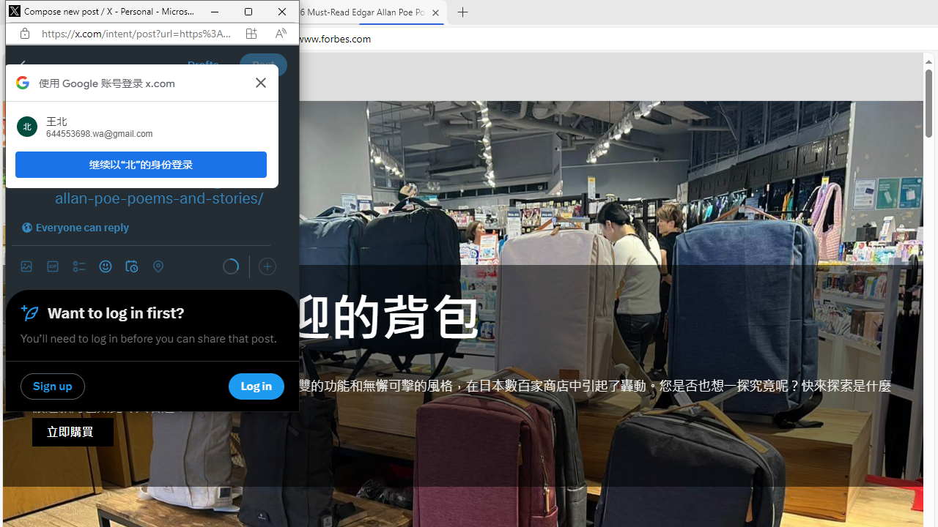 This screenshot has height=527, width=938. What do you see at coordinates (251, 33) in the screenshot?
I see `'App available. Install X'` at bounding box center [251, 33].